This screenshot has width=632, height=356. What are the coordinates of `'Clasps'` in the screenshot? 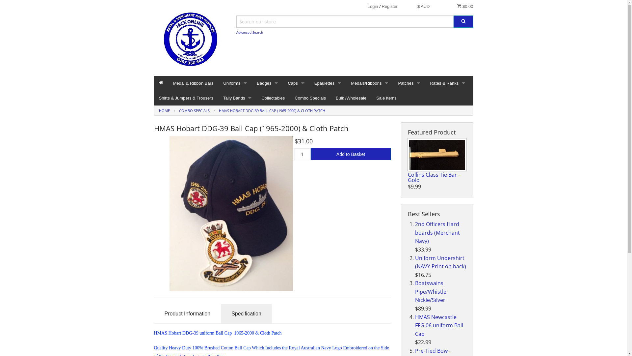 It's located at (346, 135).